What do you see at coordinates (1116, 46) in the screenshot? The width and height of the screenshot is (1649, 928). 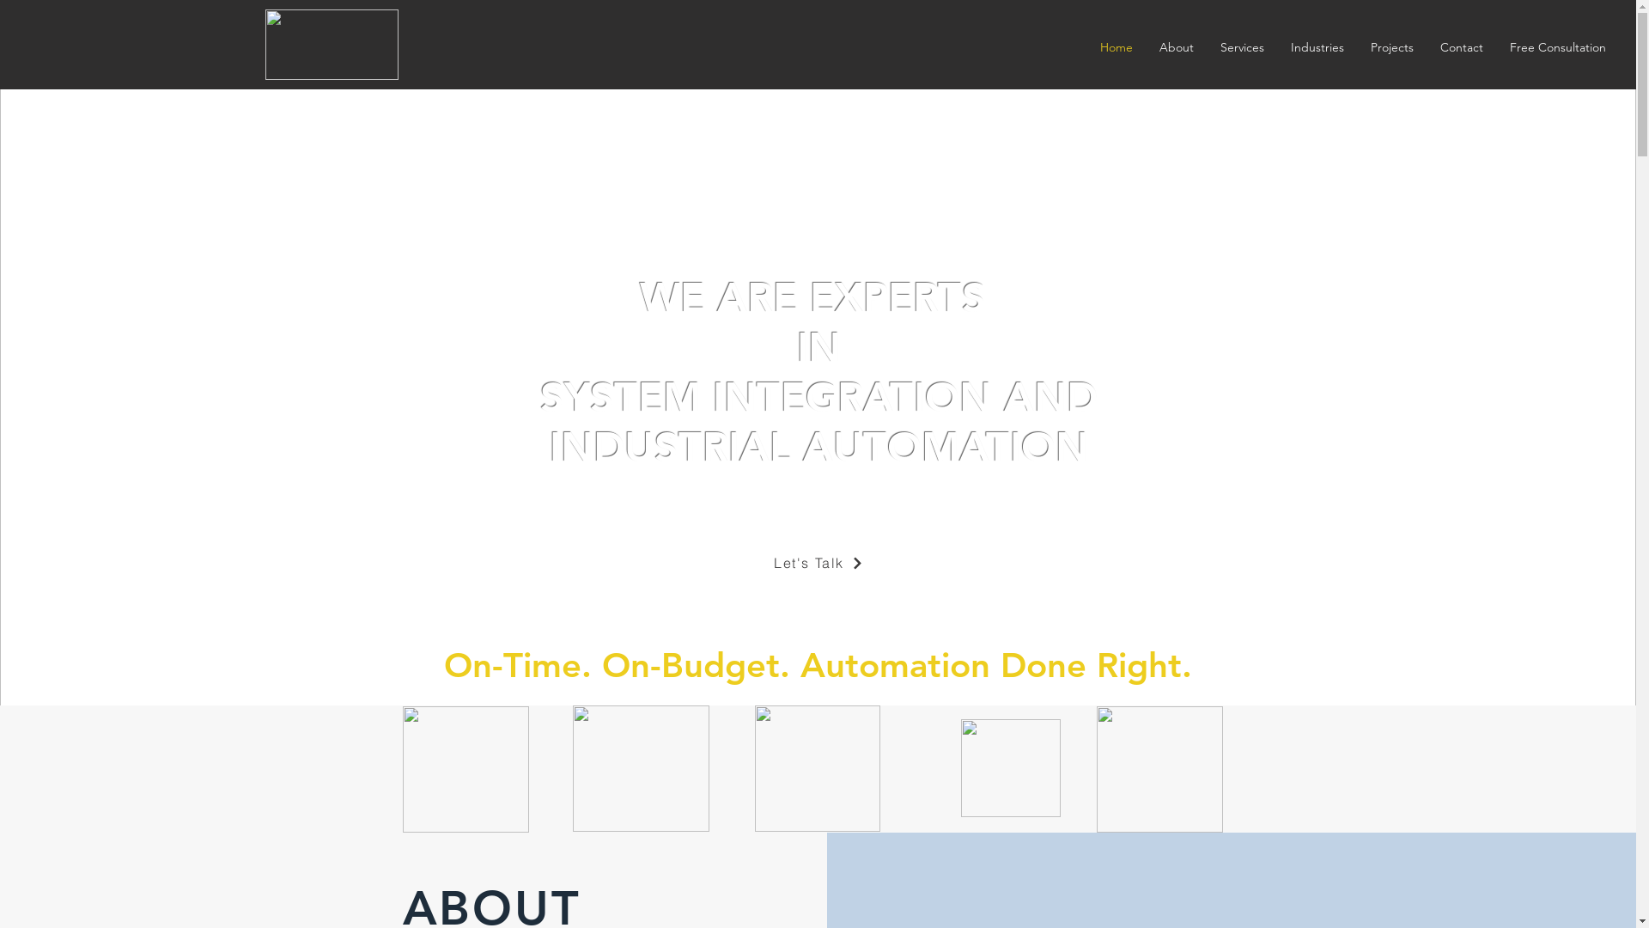 I see `'Home'` at bounding box center [1116, 46].